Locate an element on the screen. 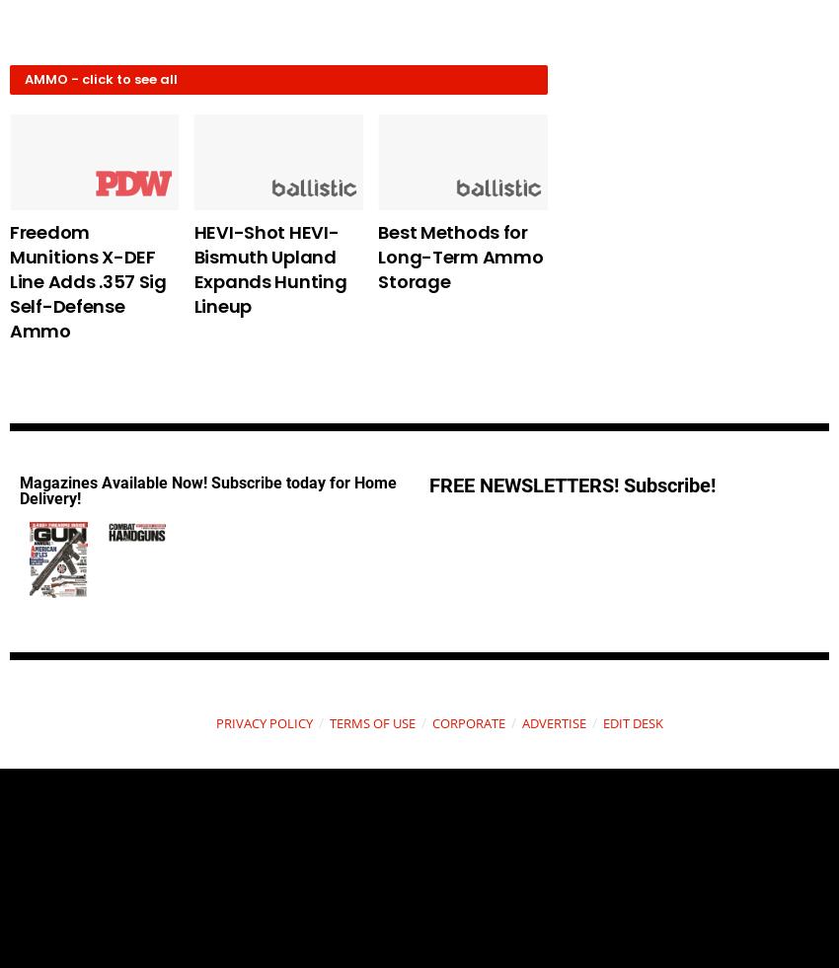 The height and width of the screenshot is (968, 839). 'HEVI-Shot HEVI-Bismuth Upland Expands Hunting Lineup' is located at coordinates (268, 267).